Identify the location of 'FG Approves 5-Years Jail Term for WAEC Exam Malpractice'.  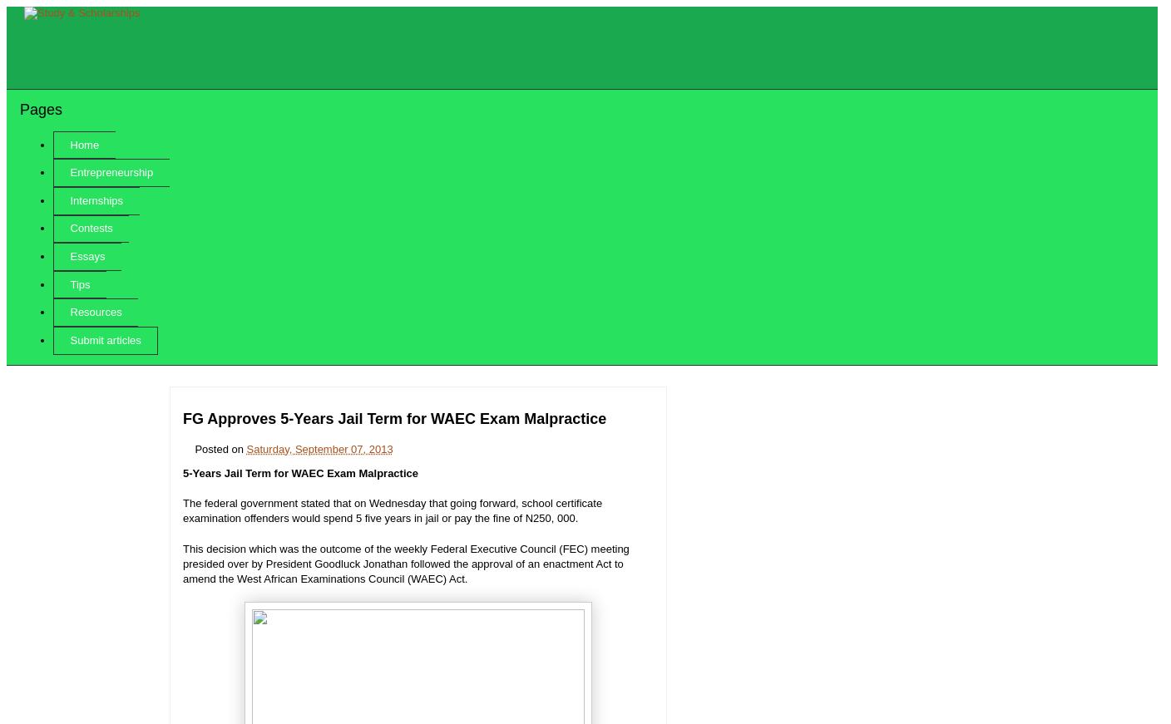
(394, 418).